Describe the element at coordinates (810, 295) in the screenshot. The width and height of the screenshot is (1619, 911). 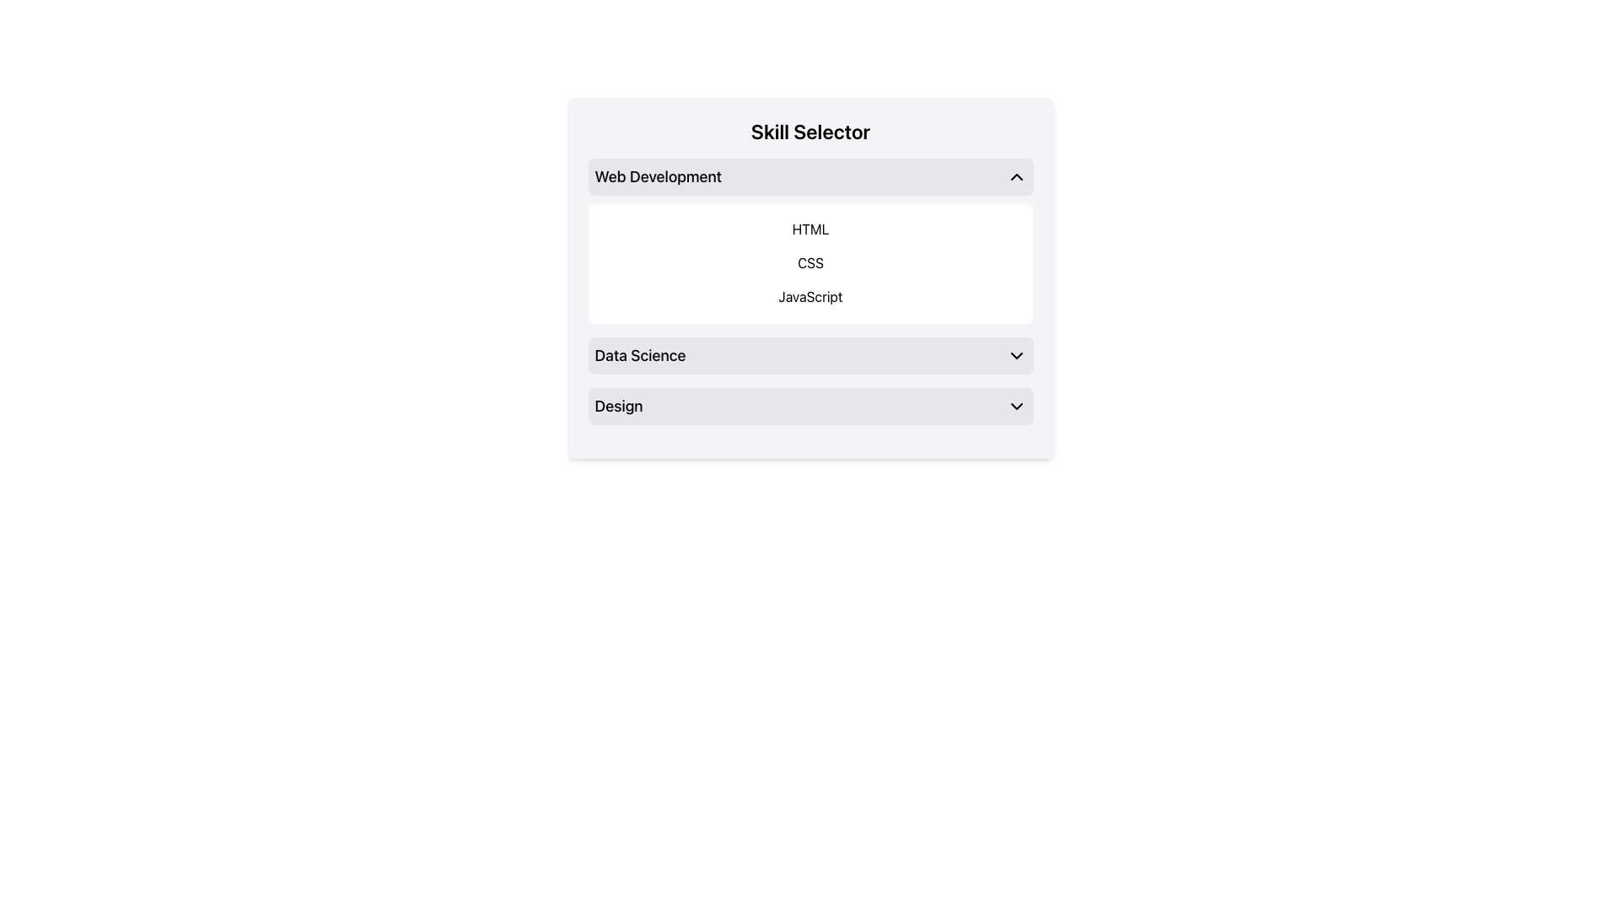
I see `the unclickable Static Text Label that signifies 'JavaScript' in the 'Web Development' section, located in the 'Skill Selector'` at that location.